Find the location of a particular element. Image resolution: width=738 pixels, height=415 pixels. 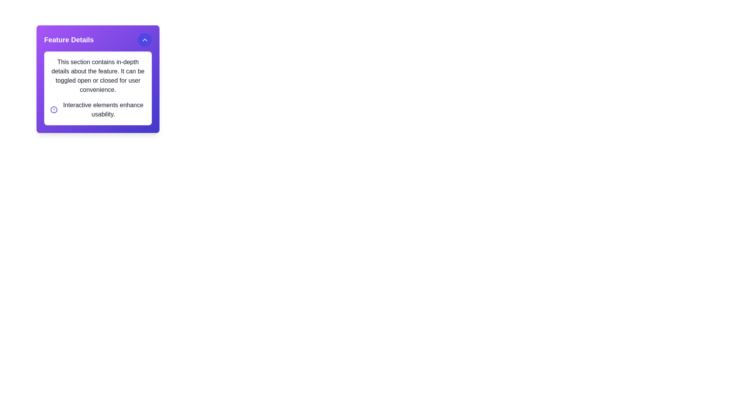

information presented in the descriptive text block located towards the lower center of the white rectangular area within the purple card labeled 'Feature Details' is located at coordinates (103, 110).